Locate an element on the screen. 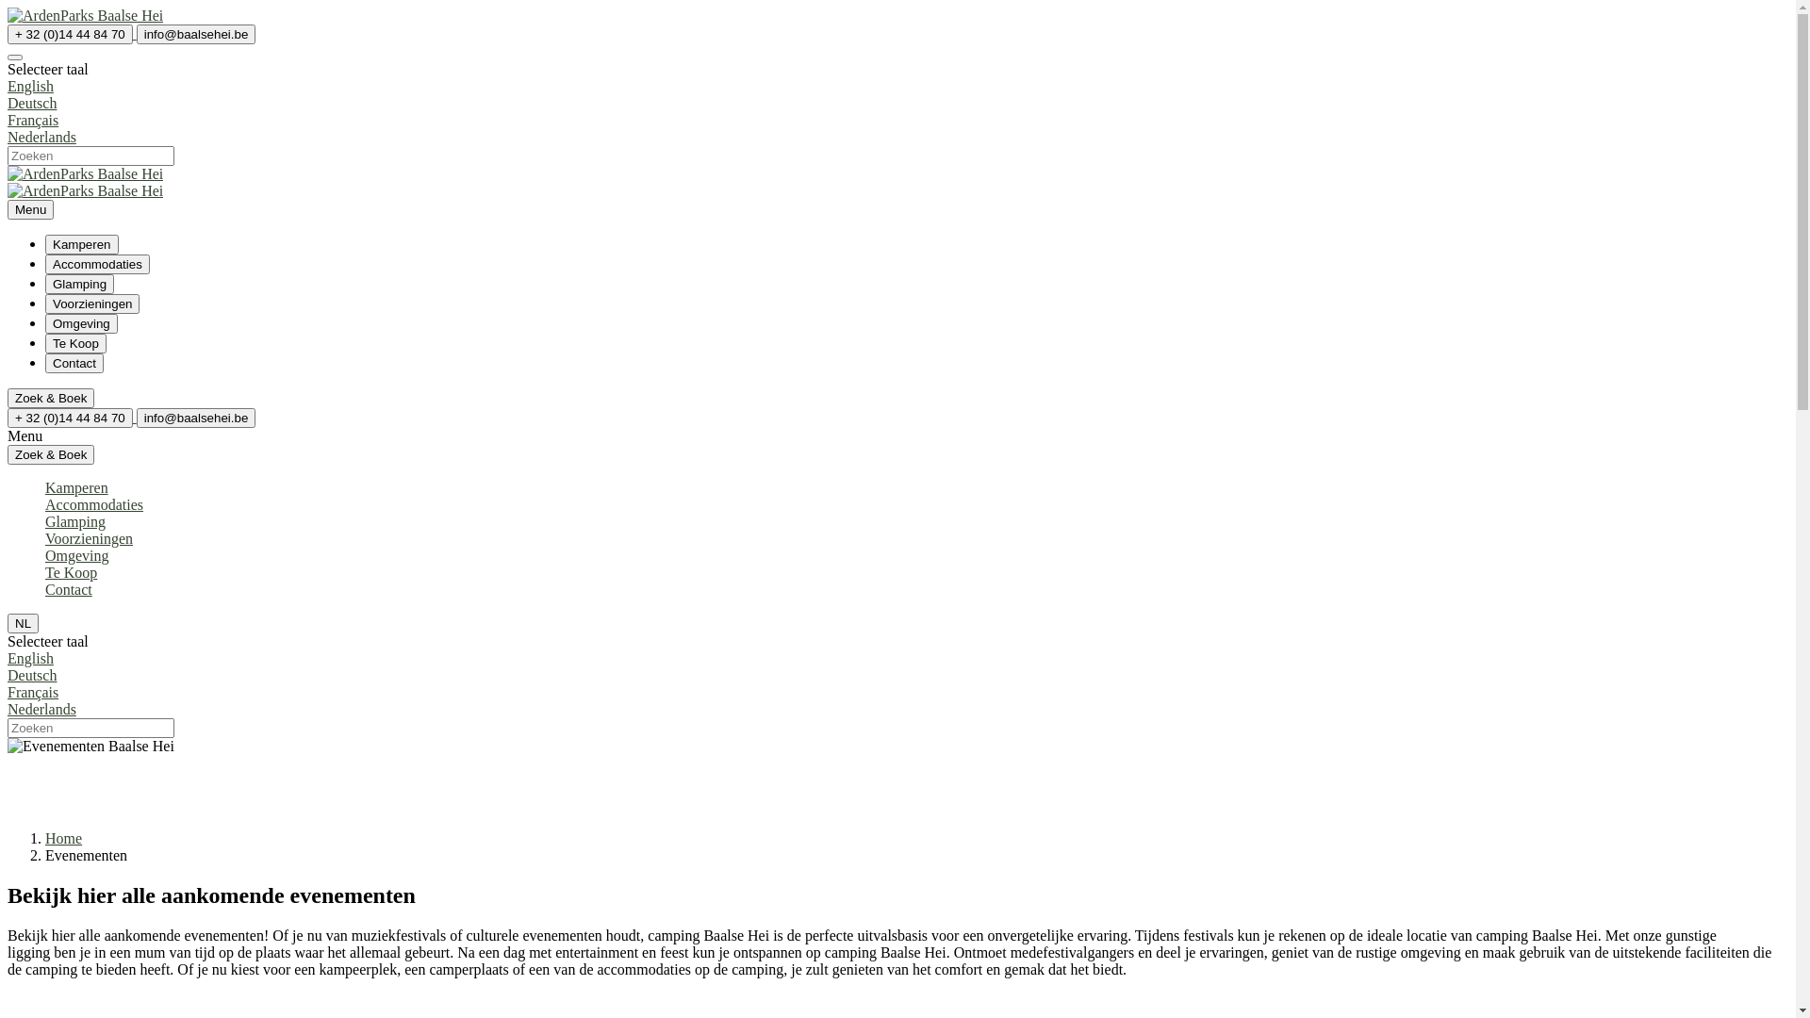  'English' is located at coordinates (8, 86).